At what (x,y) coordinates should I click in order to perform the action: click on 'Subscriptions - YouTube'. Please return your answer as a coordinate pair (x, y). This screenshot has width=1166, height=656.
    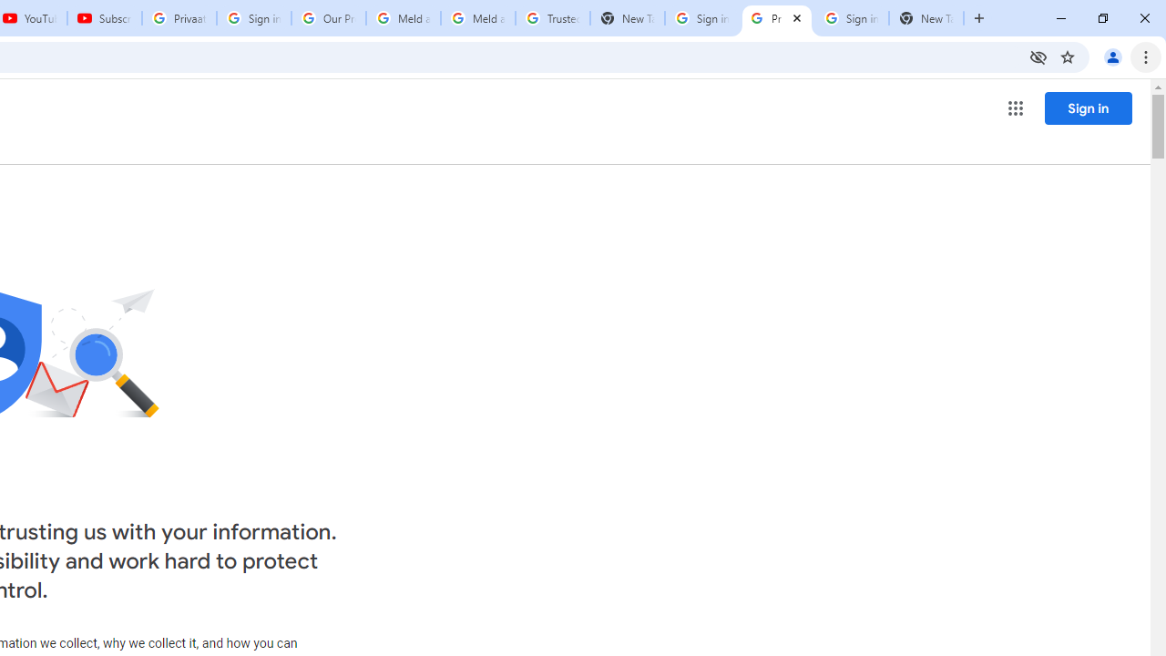
    Looking at the image, I should click on (104, 18).